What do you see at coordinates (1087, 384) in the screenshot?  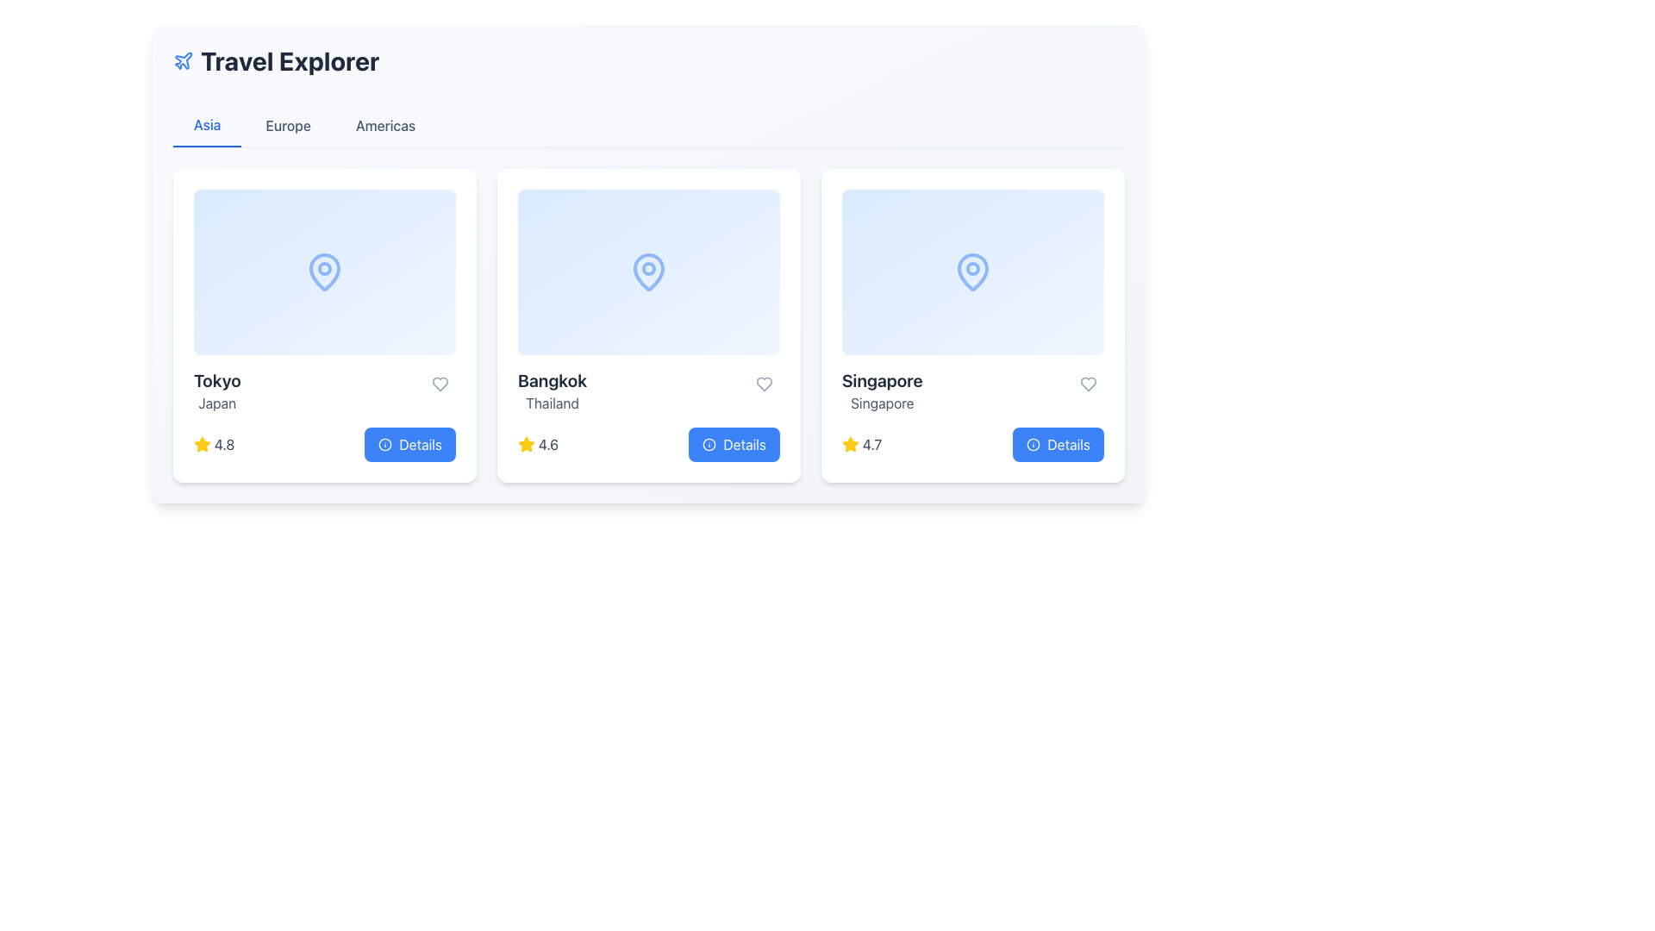 I see `the favorite icon located at the bottom-right corner of the Singapore card` at bounding box center [1087, 384].